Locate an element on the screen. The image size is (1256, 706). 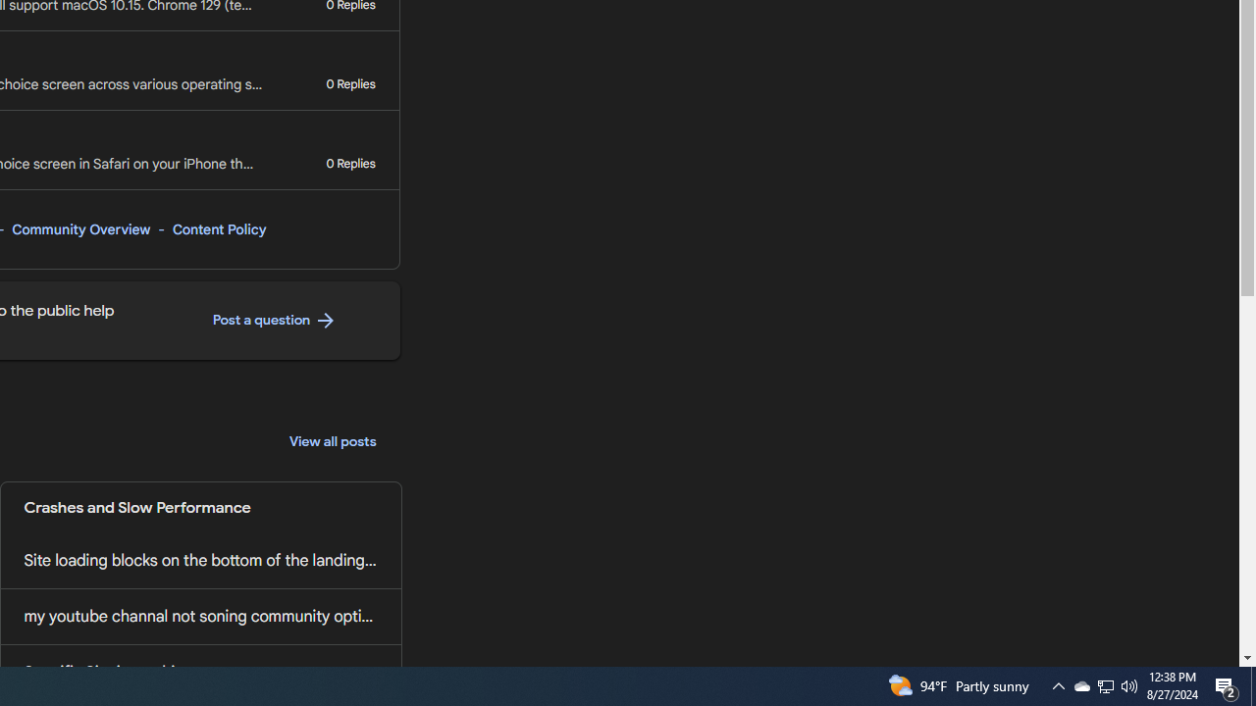
'Content Policy' is located at coordinates (219, 228).